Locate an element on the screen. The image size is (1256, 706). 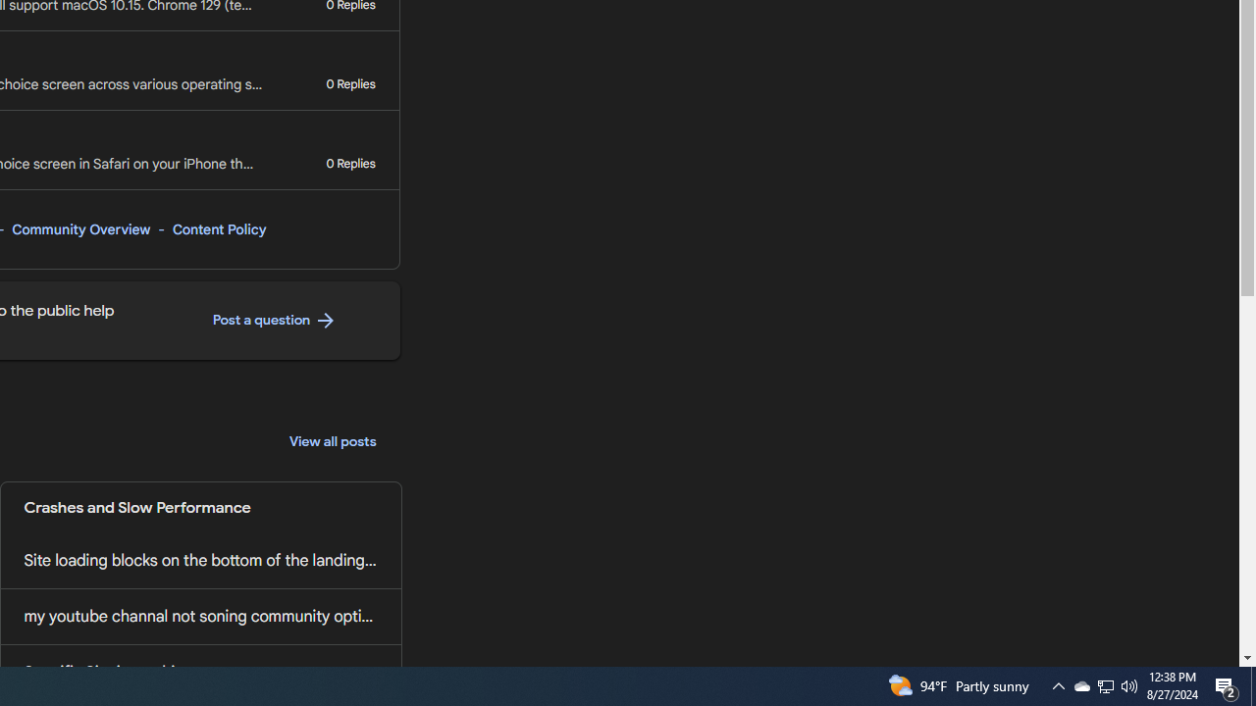
'Content Policy' is located at coordinates (219, 228).